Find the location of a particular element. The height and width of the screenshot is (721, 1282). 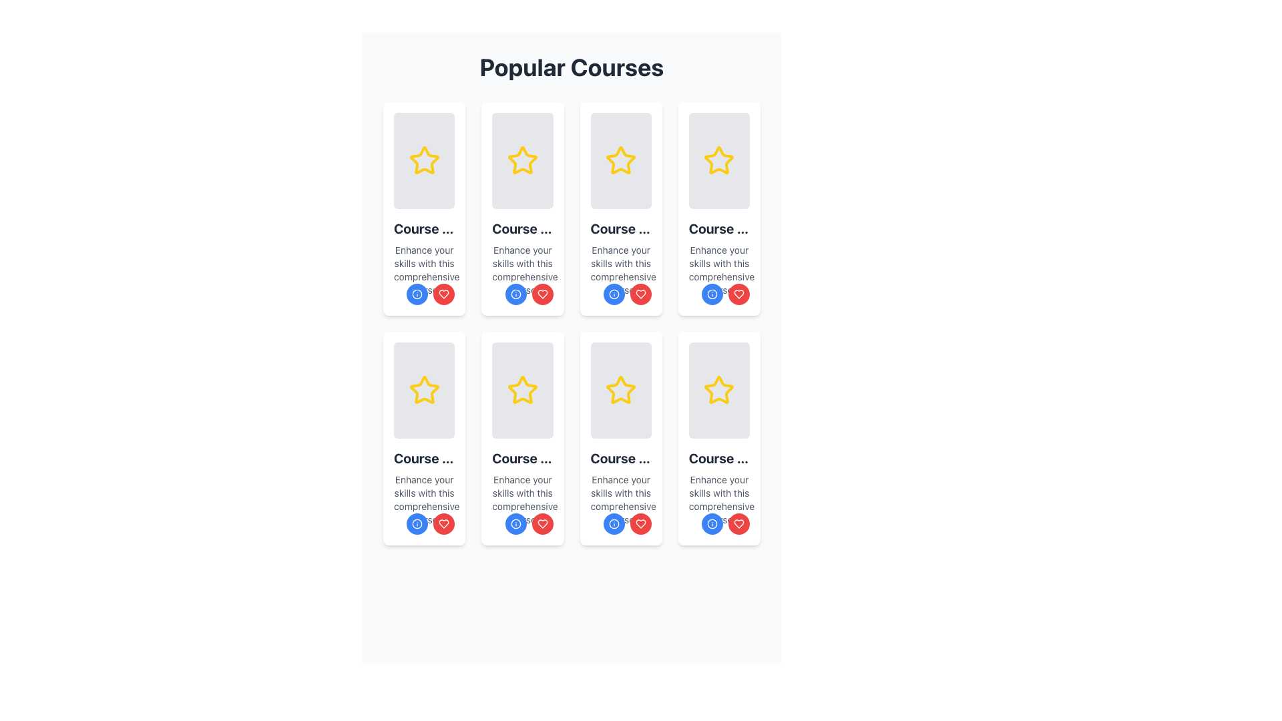

the Information Icon Button located inside a blue circular button at the bottom left corner of the card in the second row and first column of the grid is located at coordinates (417, 523).